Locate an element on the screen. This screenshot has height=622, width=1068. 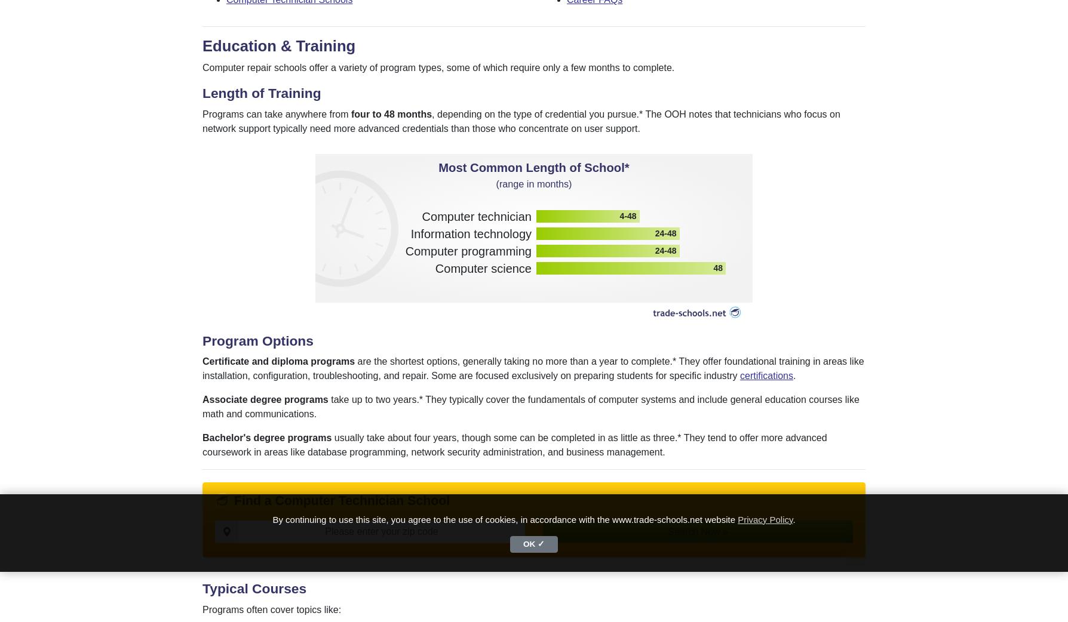
'Privacy Policy' is located at coordinates (764, 518).